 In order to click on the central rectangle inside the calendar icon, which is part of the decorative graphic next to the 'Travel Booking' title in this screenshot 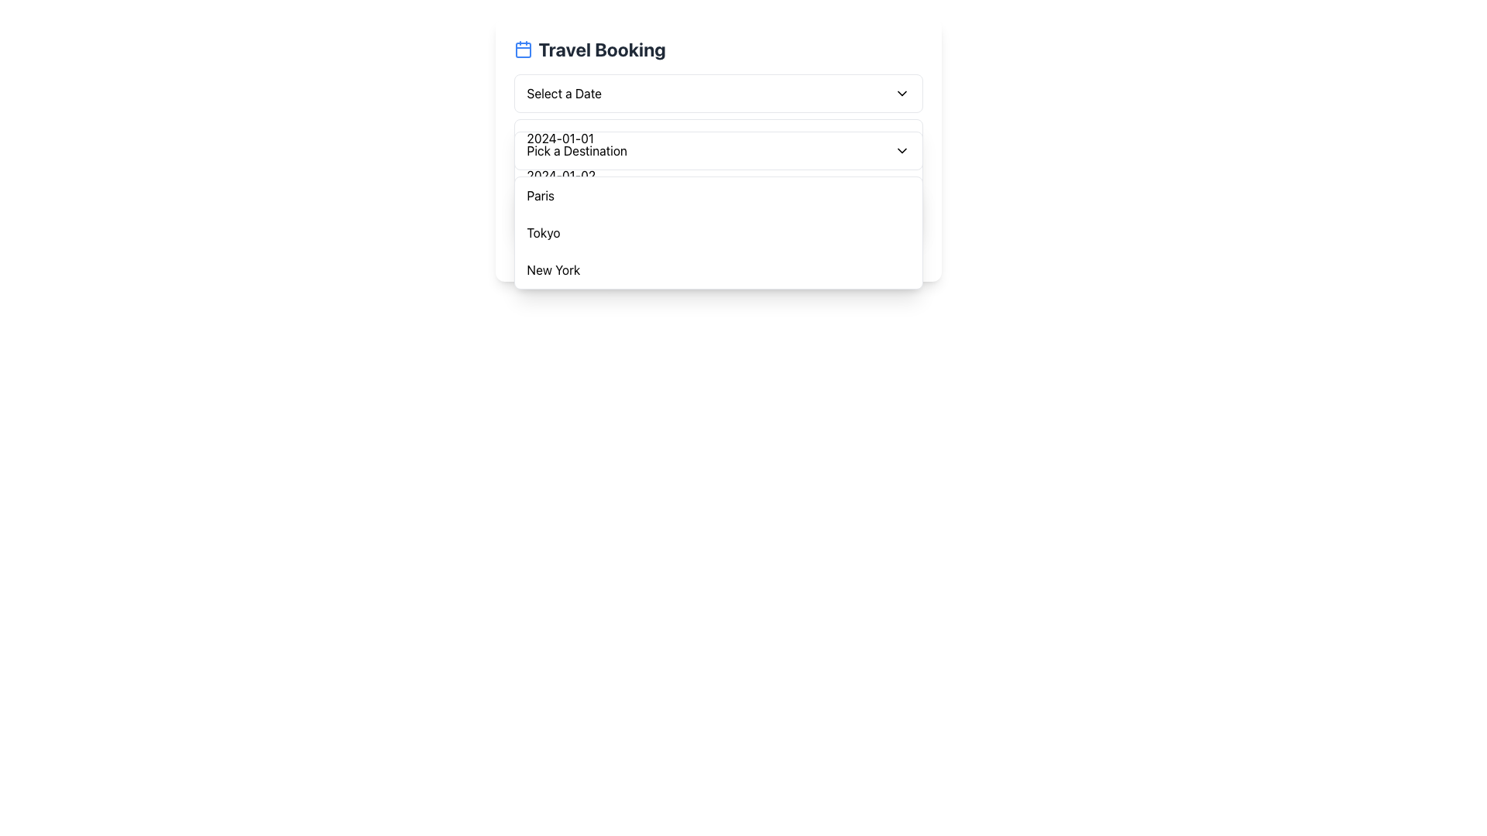, I will do `click(523, 50)`.